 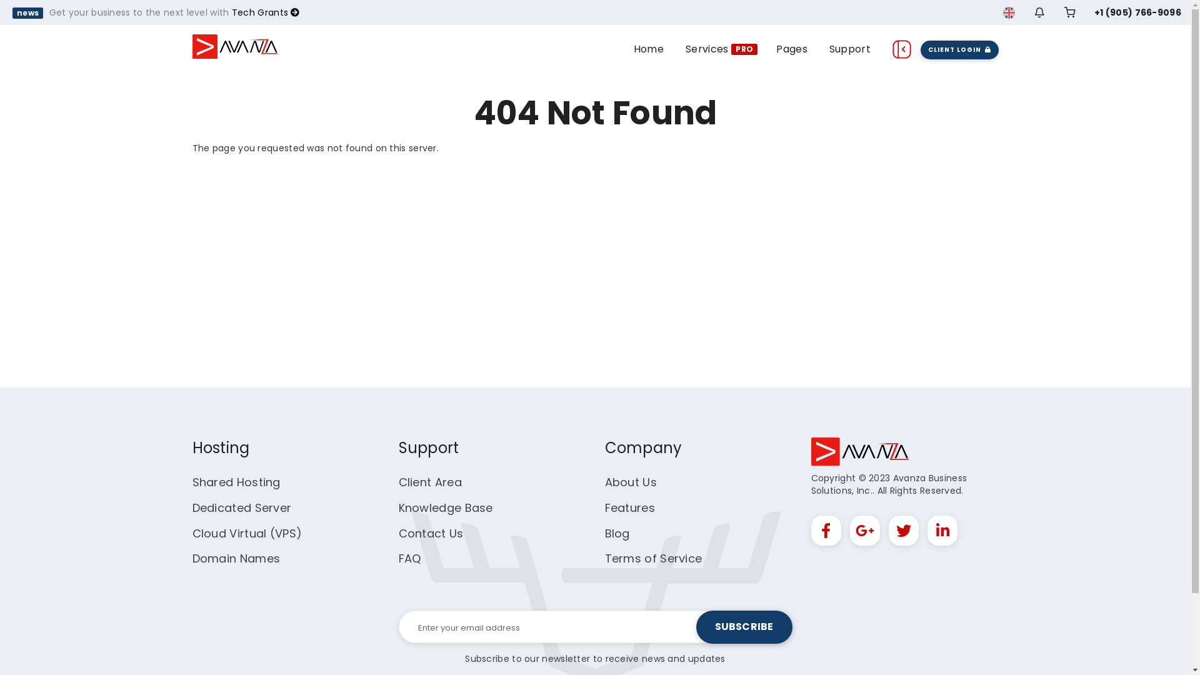 I want to click on 'Contact Us', so click(x=398, y=533).